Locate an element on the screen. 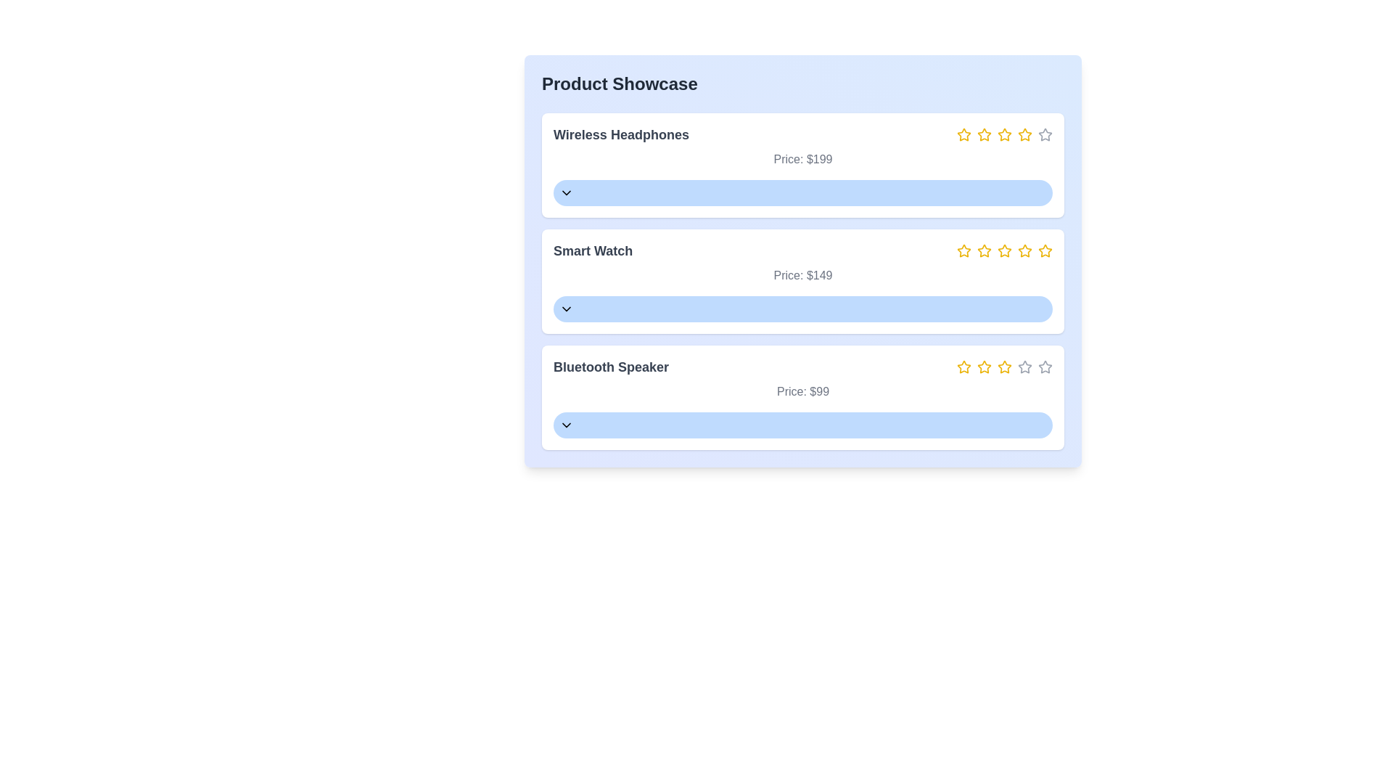  the fifth star icon in the rating section of the 'Wireless Headphones' product card to rate it is located at coordinates (1045, 134).